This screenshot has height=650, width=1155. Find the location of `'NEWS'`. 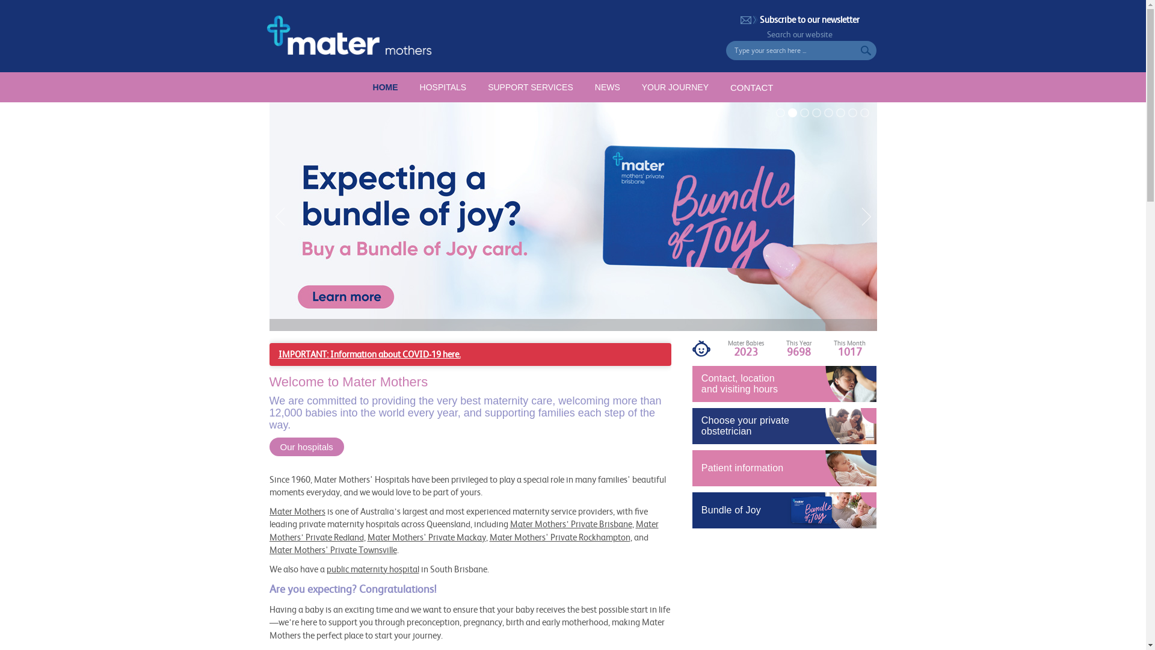

'NEWS' is located at coordinates (594, 87).